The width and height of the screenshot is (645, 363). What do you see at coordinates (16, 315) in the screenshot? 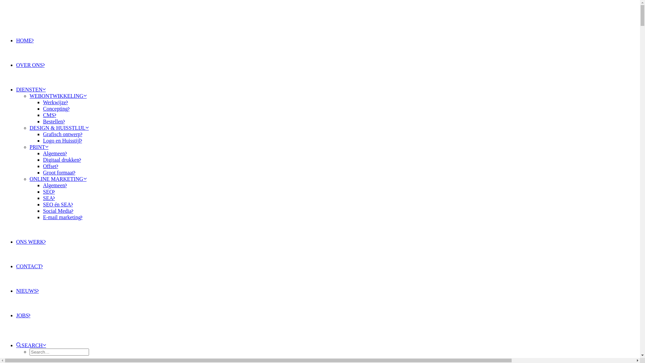
I see `'JOBS'` at bounding box center [16, 315].